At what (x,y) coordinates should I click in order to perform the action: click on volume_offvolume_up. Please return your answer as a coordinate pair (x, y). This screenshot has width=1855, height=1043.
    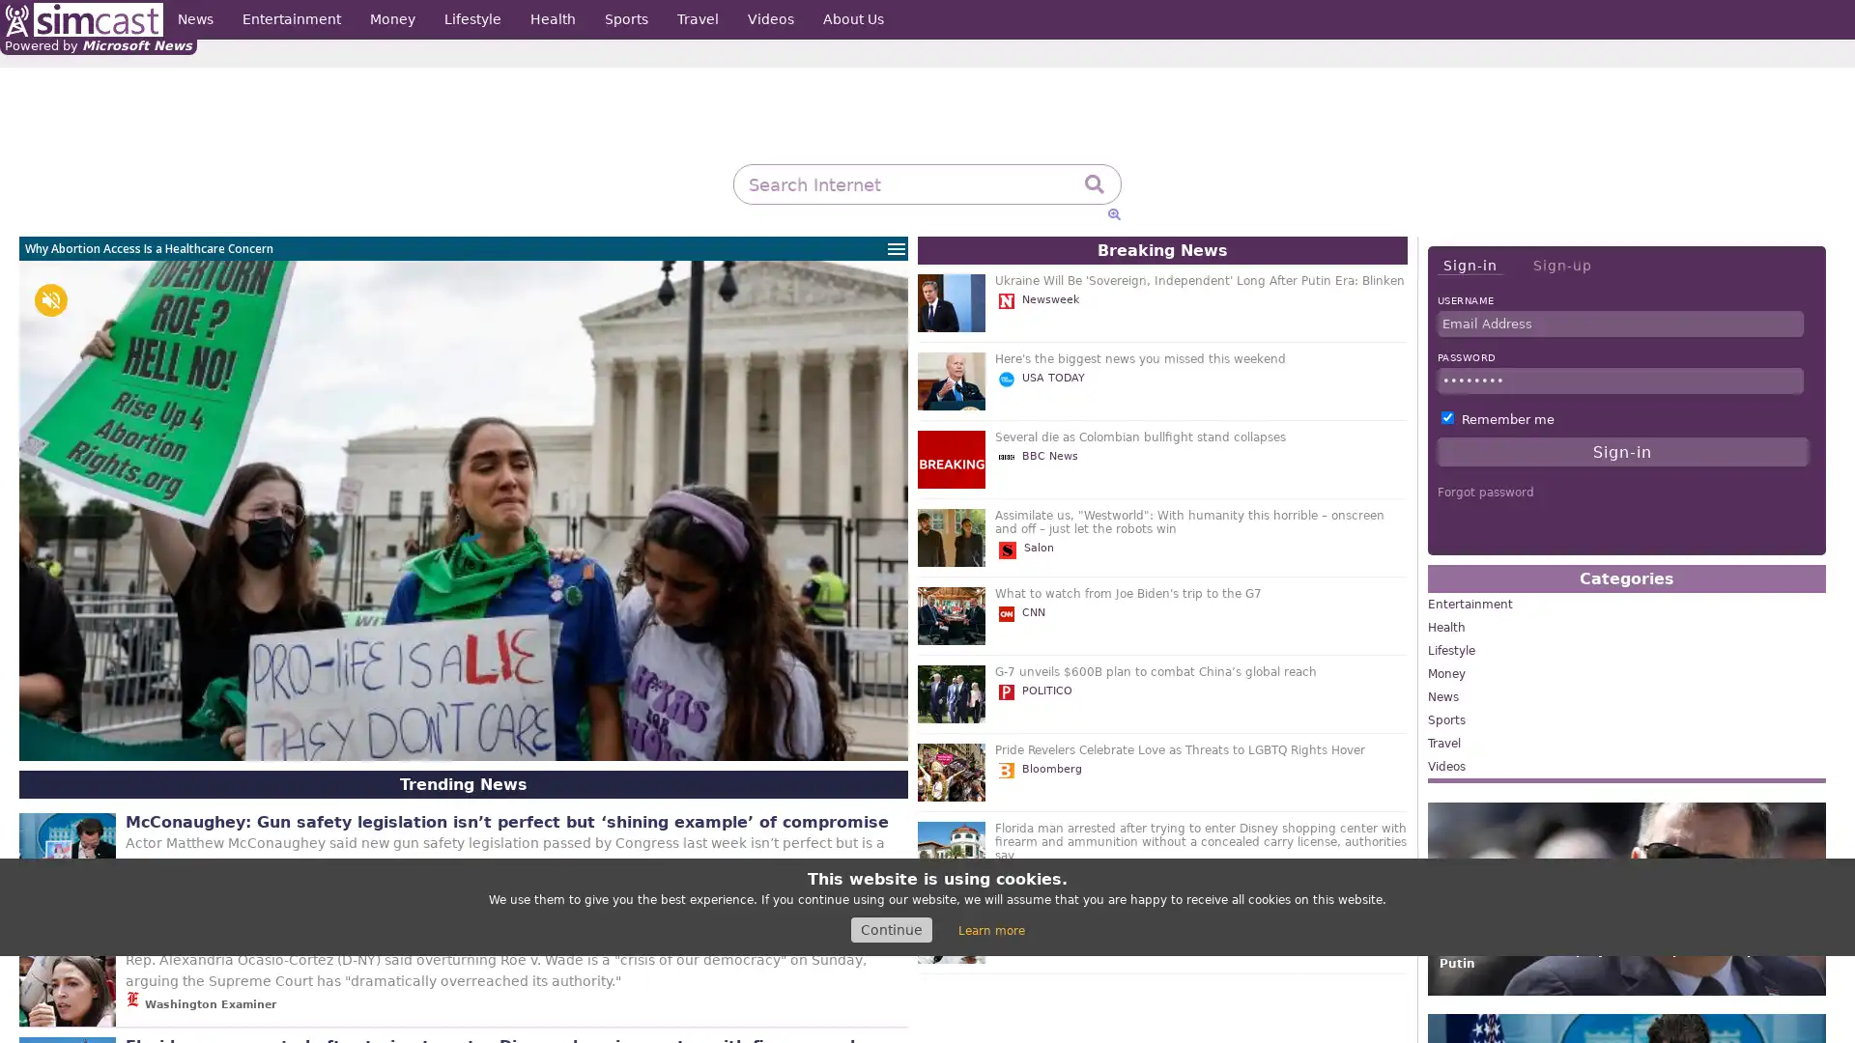
    Looking at the image, I should click on (50, 300).